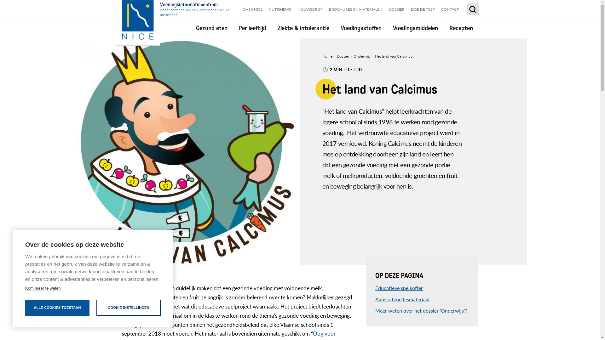 The height and width of the screenshot is (340, 605). Describe the element at coordinates (399, 288) in the screenshot. I see `'Educatieve spelkoffer'` at that location.